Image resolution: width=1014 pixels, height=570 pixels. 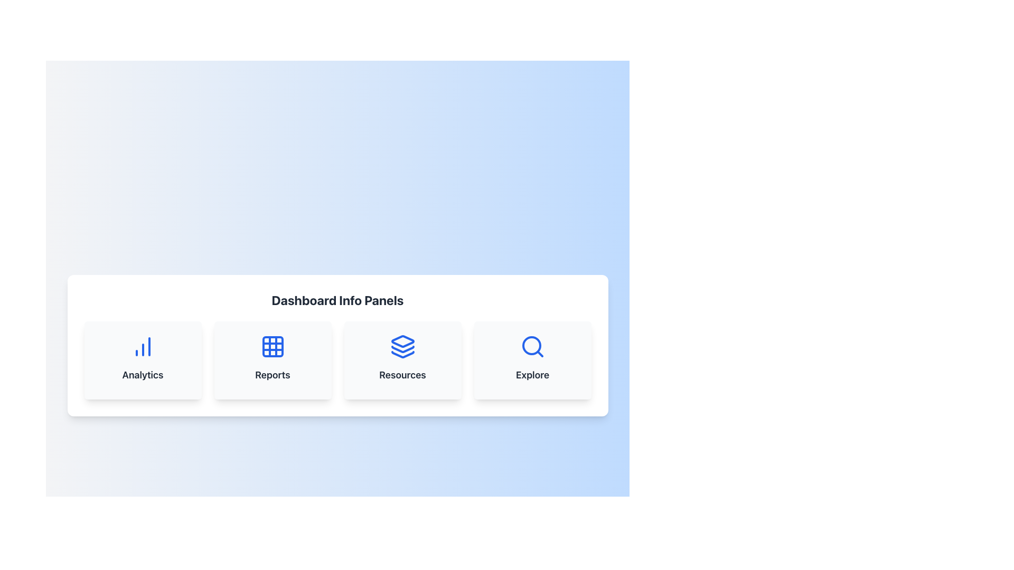 What do you see at coordinates (273, 346) in the screenshot?
I see `the 'Reports' icon located centrally in the 'Reports' card within the 'Dashboard Info Panels' section to observe its associated details` at bounding box center [273, 346].